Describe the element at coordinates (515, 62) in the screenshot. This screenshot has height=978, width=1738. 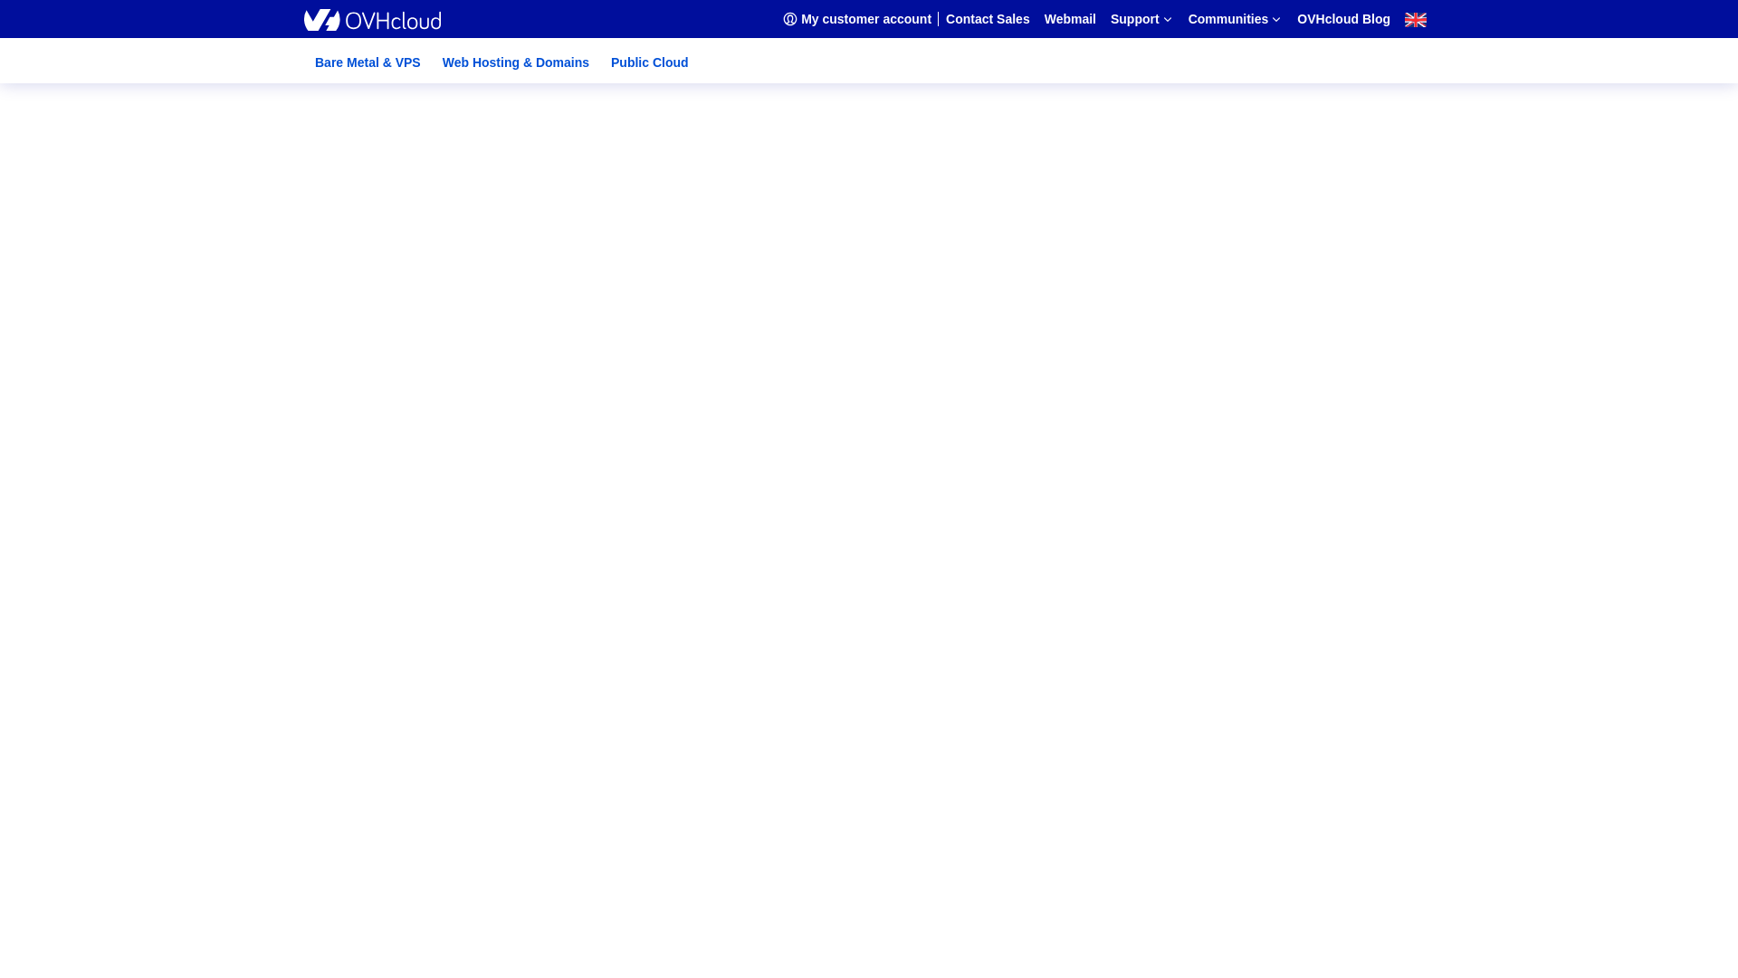
I see `'Web Hosting & Domains'` at that location.